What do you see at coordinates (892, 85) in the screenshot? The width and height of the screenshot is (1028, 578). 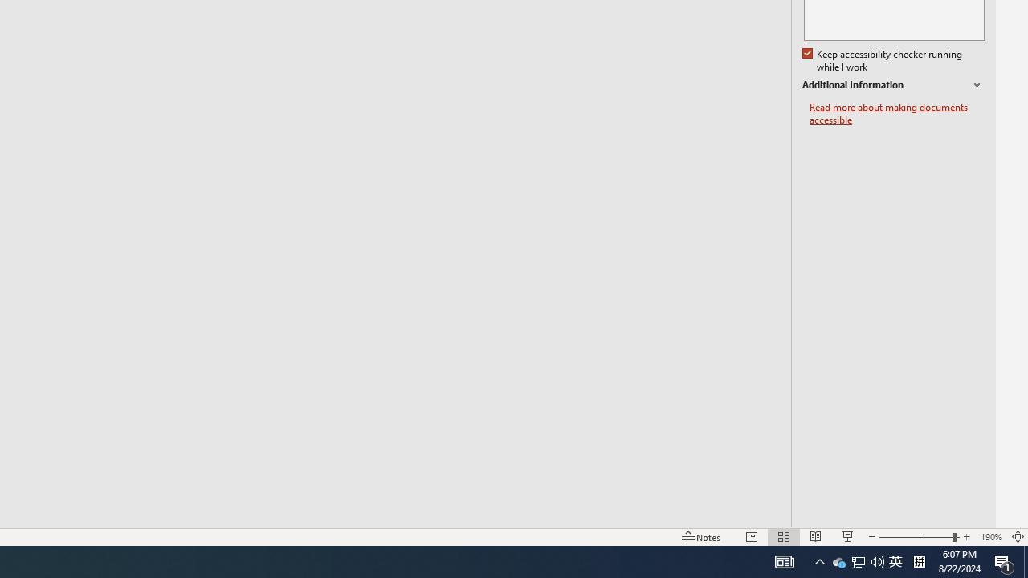 I see `'Additional Information'` at bounding box center [892, 85].